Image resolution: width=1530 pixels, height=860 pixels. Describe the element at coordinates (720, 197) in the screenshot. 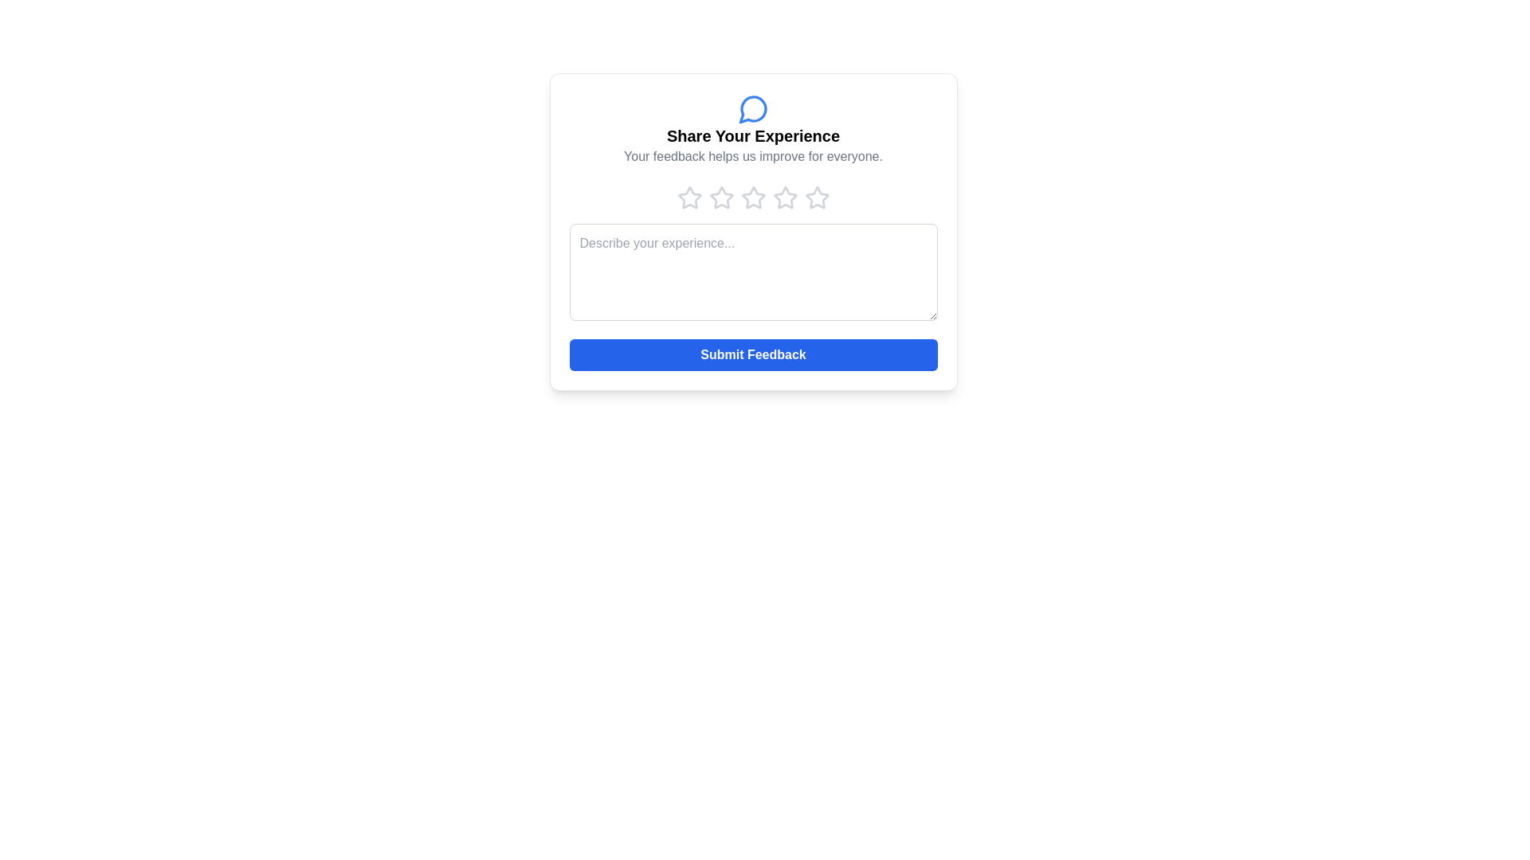

I see `the second star icon from the left in the horizontal row of star icons to rate` at that location.